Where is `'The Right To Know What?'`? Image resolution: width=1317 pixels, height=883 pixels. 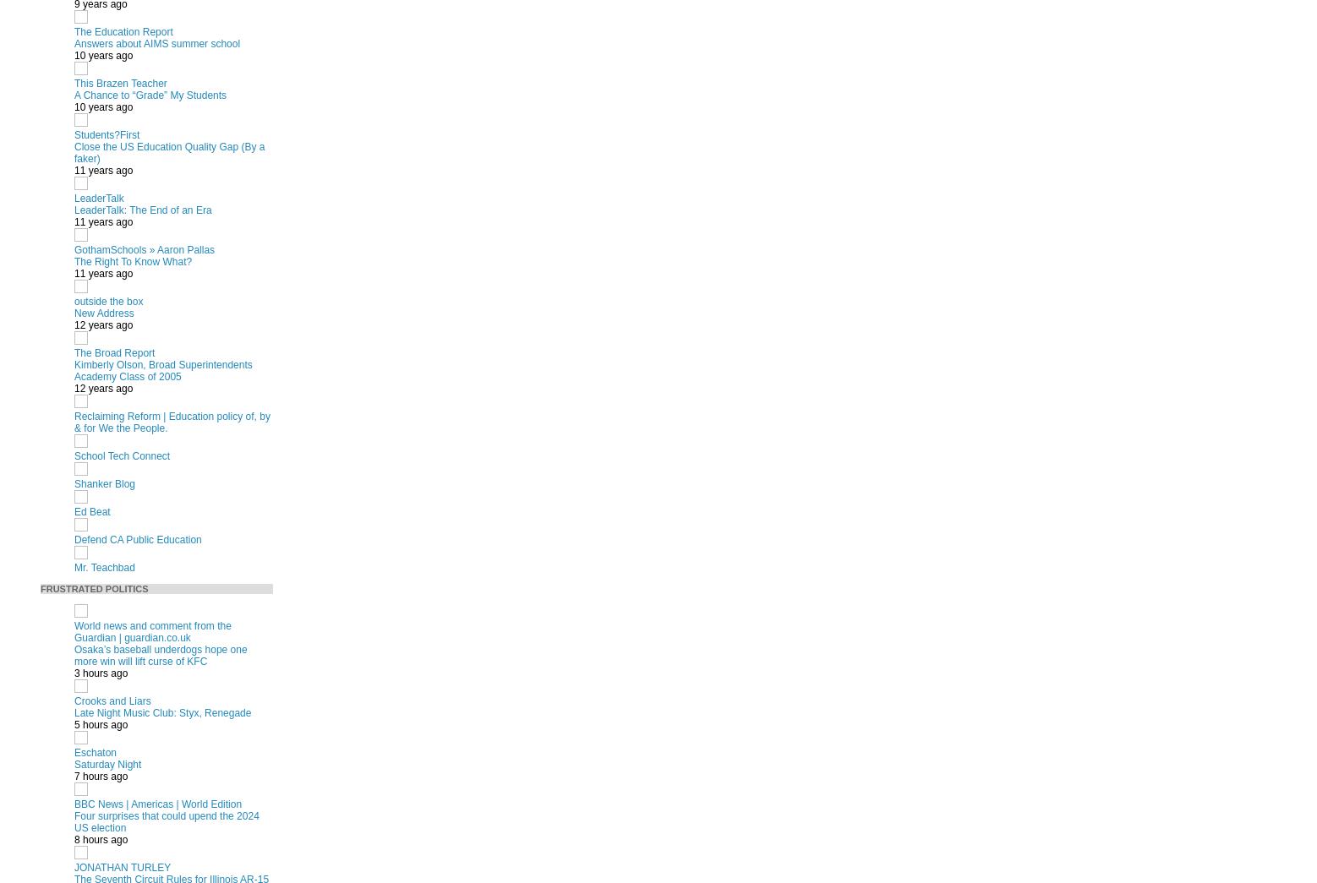 'The Right To Know What?' is located at coordinates (133, 261).